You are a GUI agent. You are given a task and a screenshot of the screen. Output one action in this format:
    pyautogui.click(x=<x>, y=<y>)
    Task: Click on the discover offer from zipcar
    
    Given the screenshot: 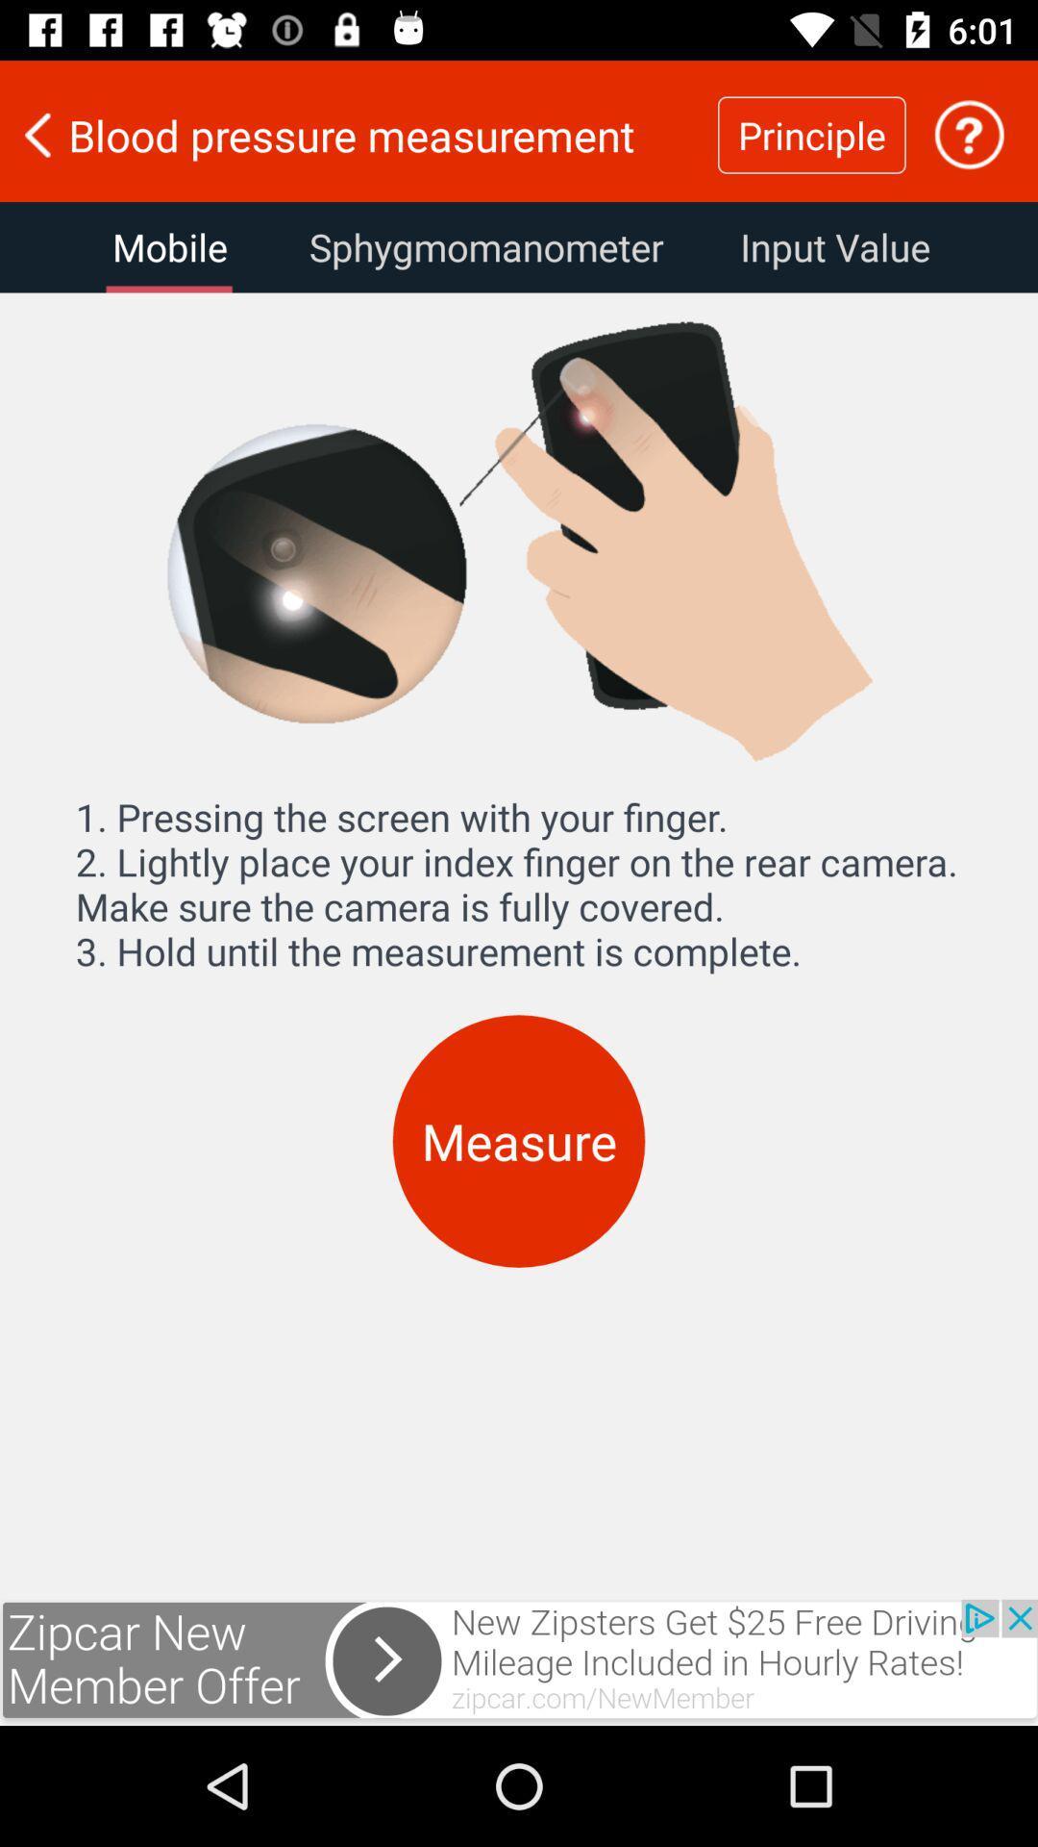 What is the action you would take?
    pyautogui.click(x=519, y=1661)
    